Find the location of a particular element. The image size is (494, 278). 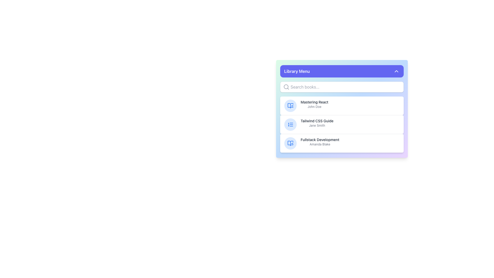

the open book icon with a checkmark symbol located to the left of 'Mastering React' and 'John Doe' is located at coordinates (290, 143).